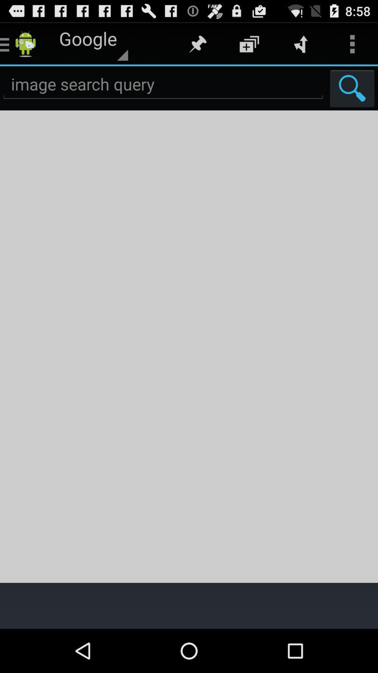 The image size is (378, 673). I want to click on image result, so click(189, 346).